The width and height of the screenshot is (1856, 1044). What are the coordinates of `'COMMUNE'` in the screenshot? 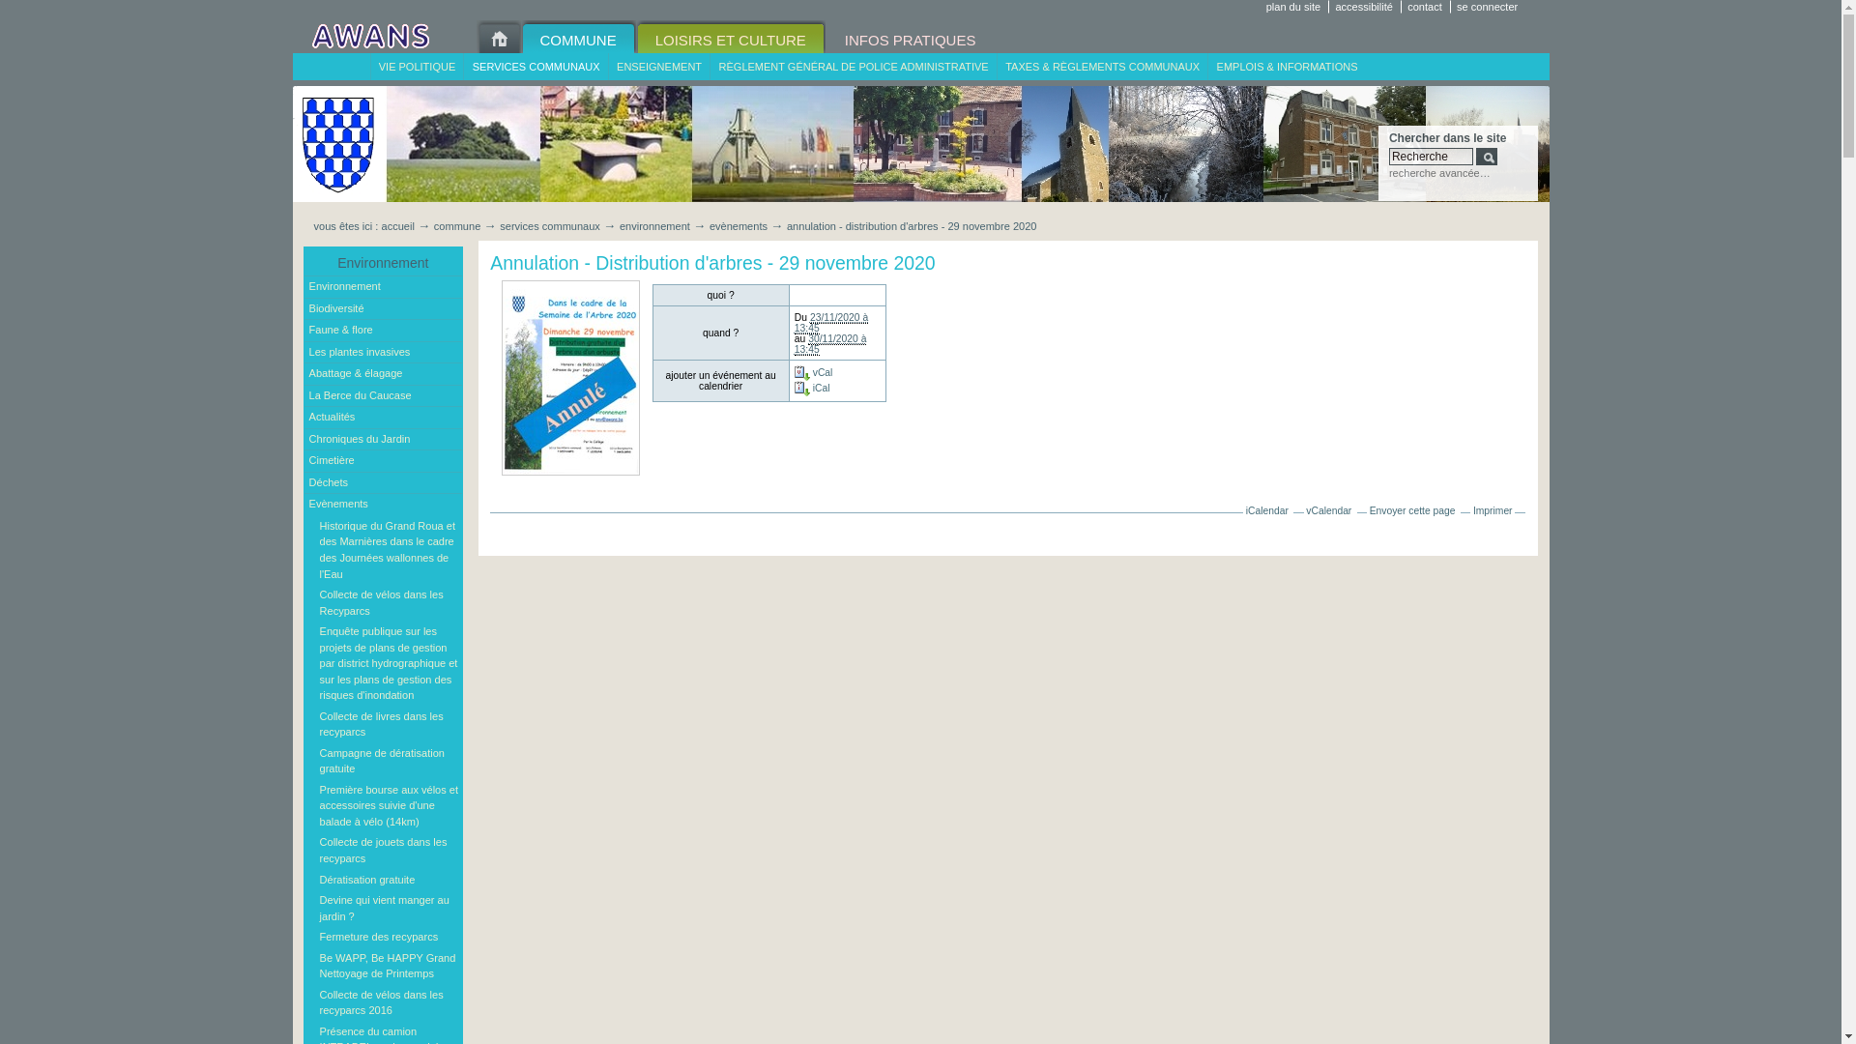 It's located at (576, 37).